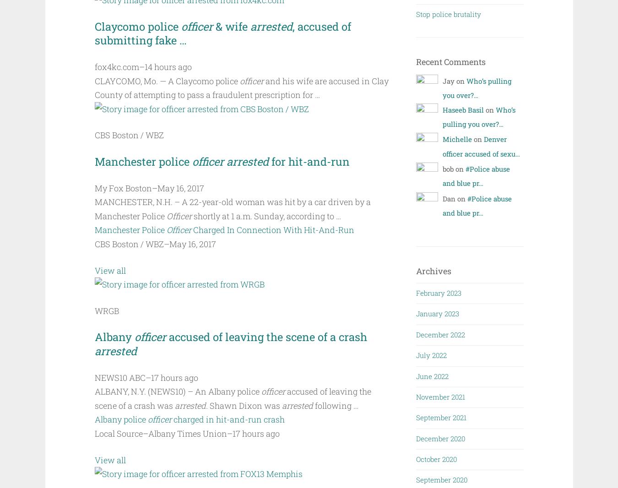  What do you see at coordinates (432, 376) in the screenshot?
I see `'June 2022'` at bounding box center [432, 376].